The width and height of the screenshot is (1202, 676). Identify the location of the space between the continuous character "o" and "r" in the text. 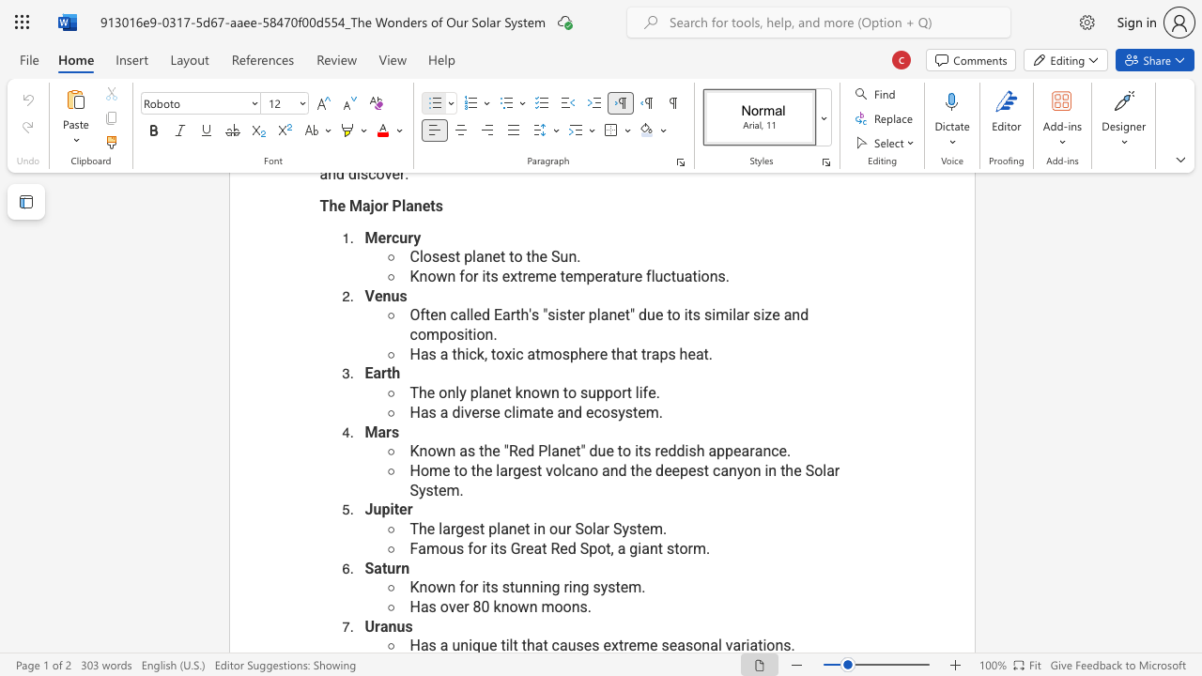
(472, 586).